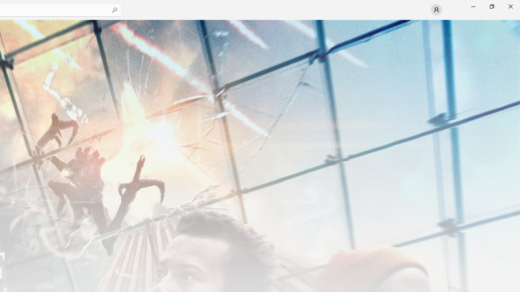 This screenshot has height=292, width=520. I want to click on 'Minimize Microsoft Store', so click(473, 6).